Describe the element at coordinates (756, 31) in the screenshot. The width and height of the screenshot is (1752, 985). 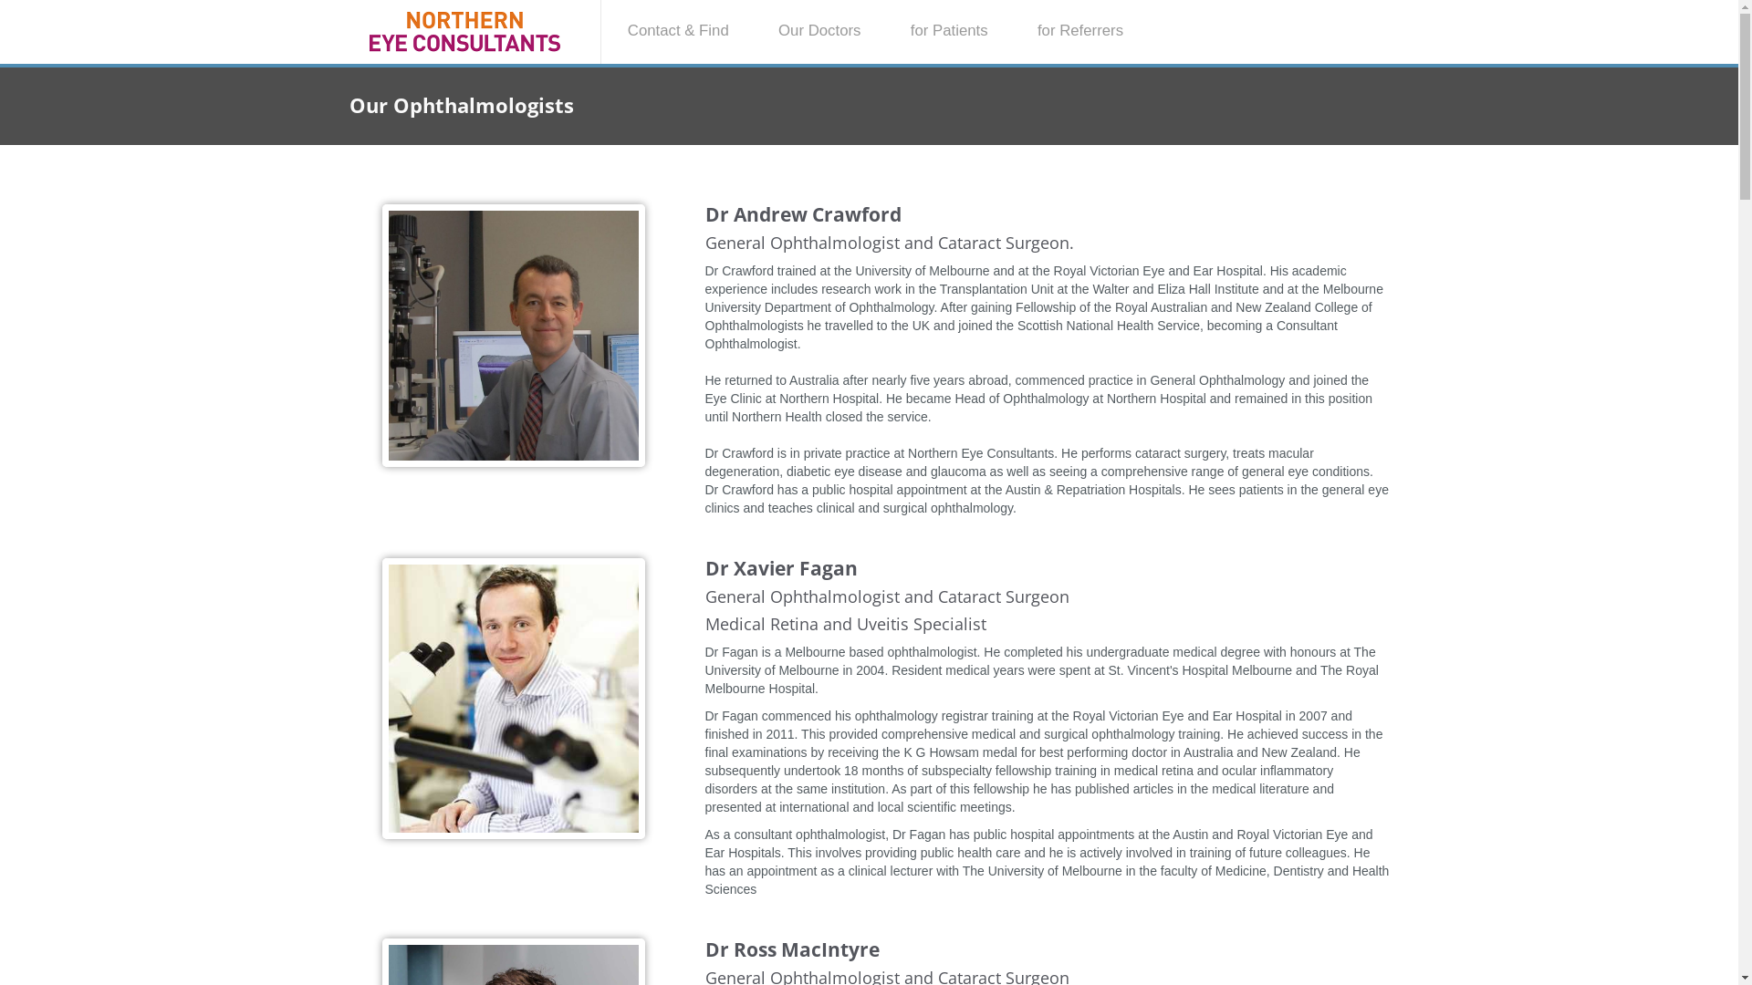
I see `'Our Doctors'` at that location.